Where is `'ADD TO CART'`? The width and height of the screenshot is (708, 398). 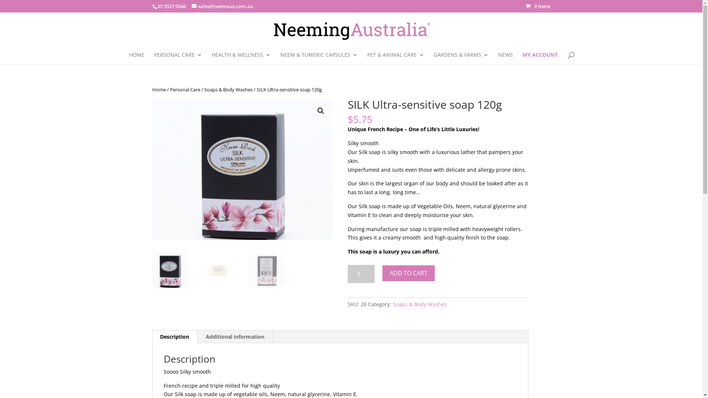
'ADD TO CART' is located at coordinates (408, 273).